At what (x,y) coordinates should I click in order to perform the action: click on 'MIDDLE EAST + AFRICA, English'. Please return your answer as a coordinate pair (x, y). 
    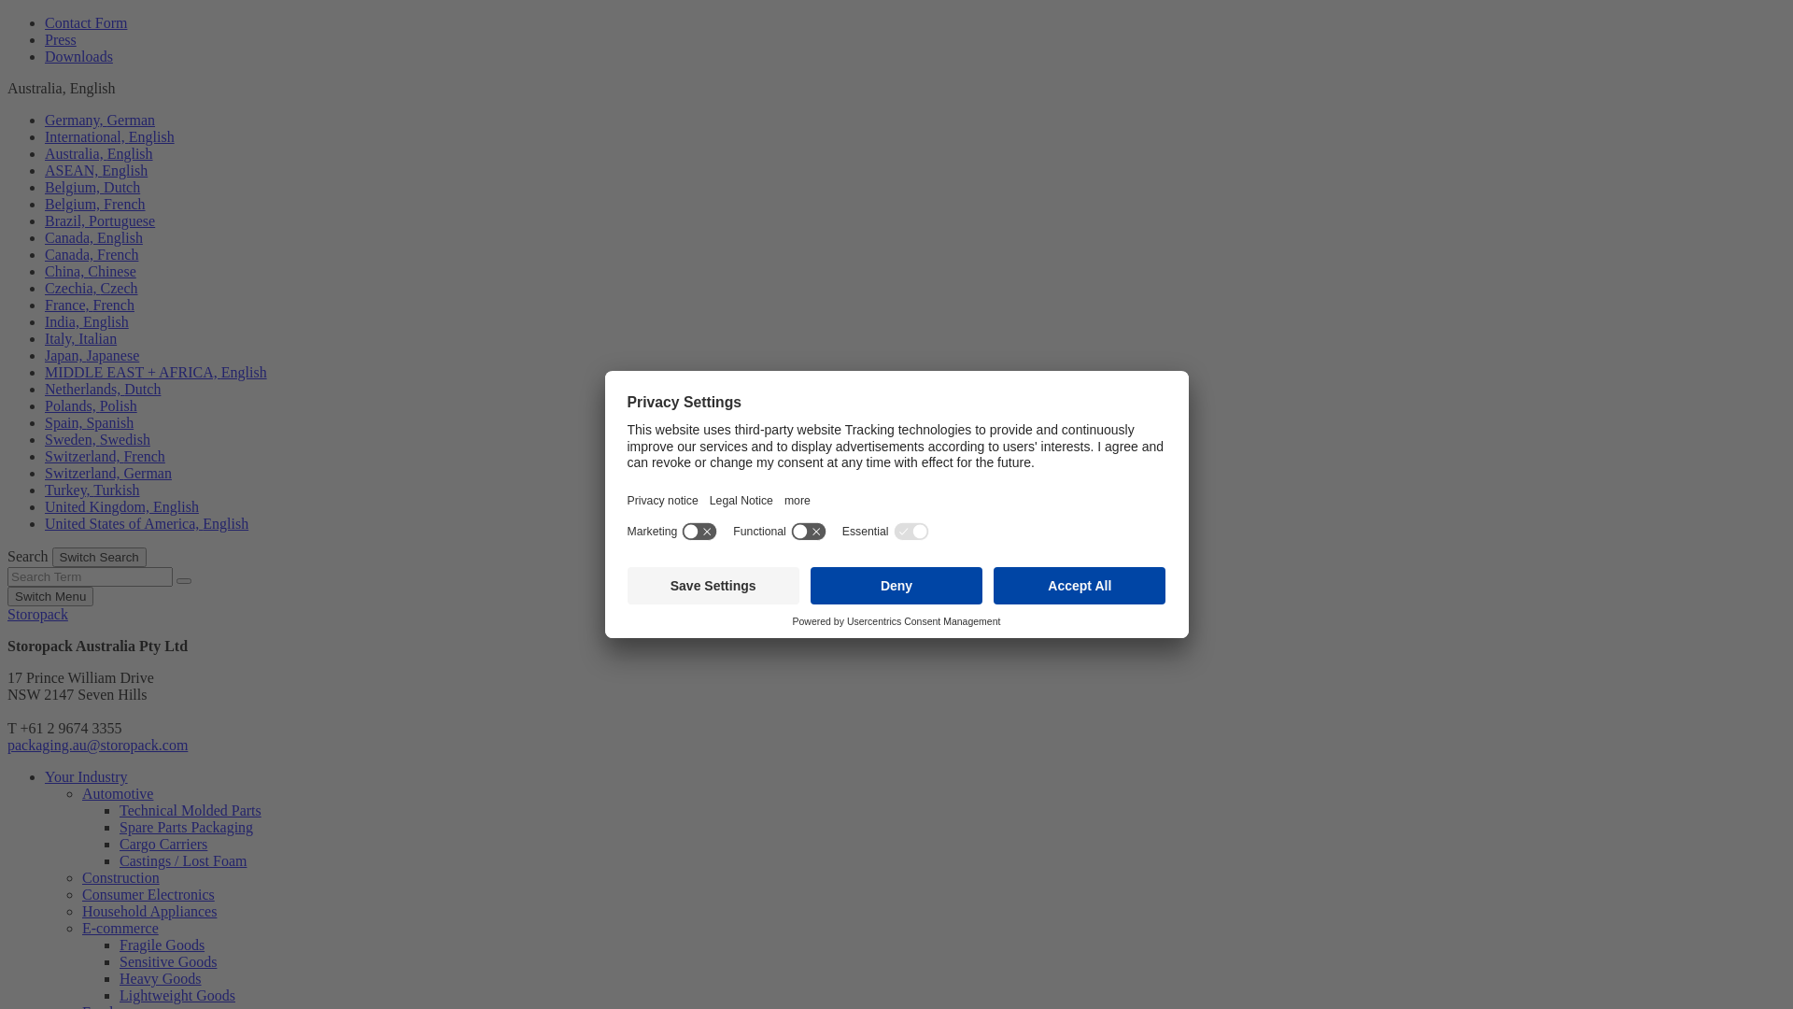
    Looking at the image, I should click on (45, 372).